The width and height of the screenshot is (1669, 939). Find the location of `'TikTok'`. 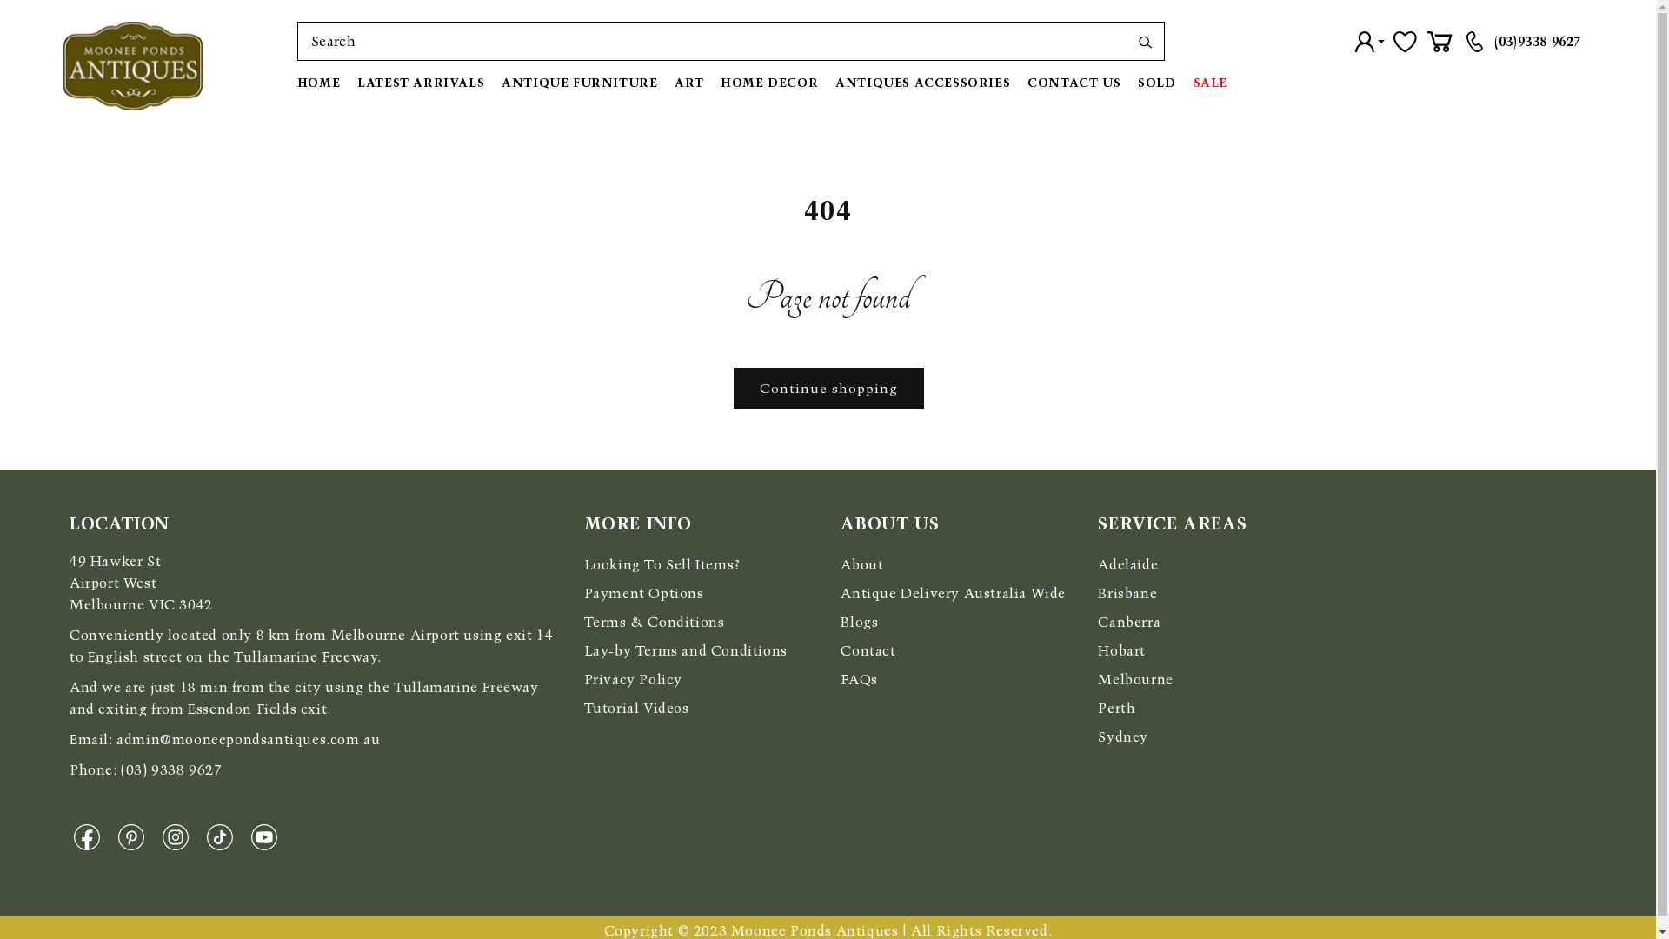

'TikTok' is located at coordinates (223, 836).